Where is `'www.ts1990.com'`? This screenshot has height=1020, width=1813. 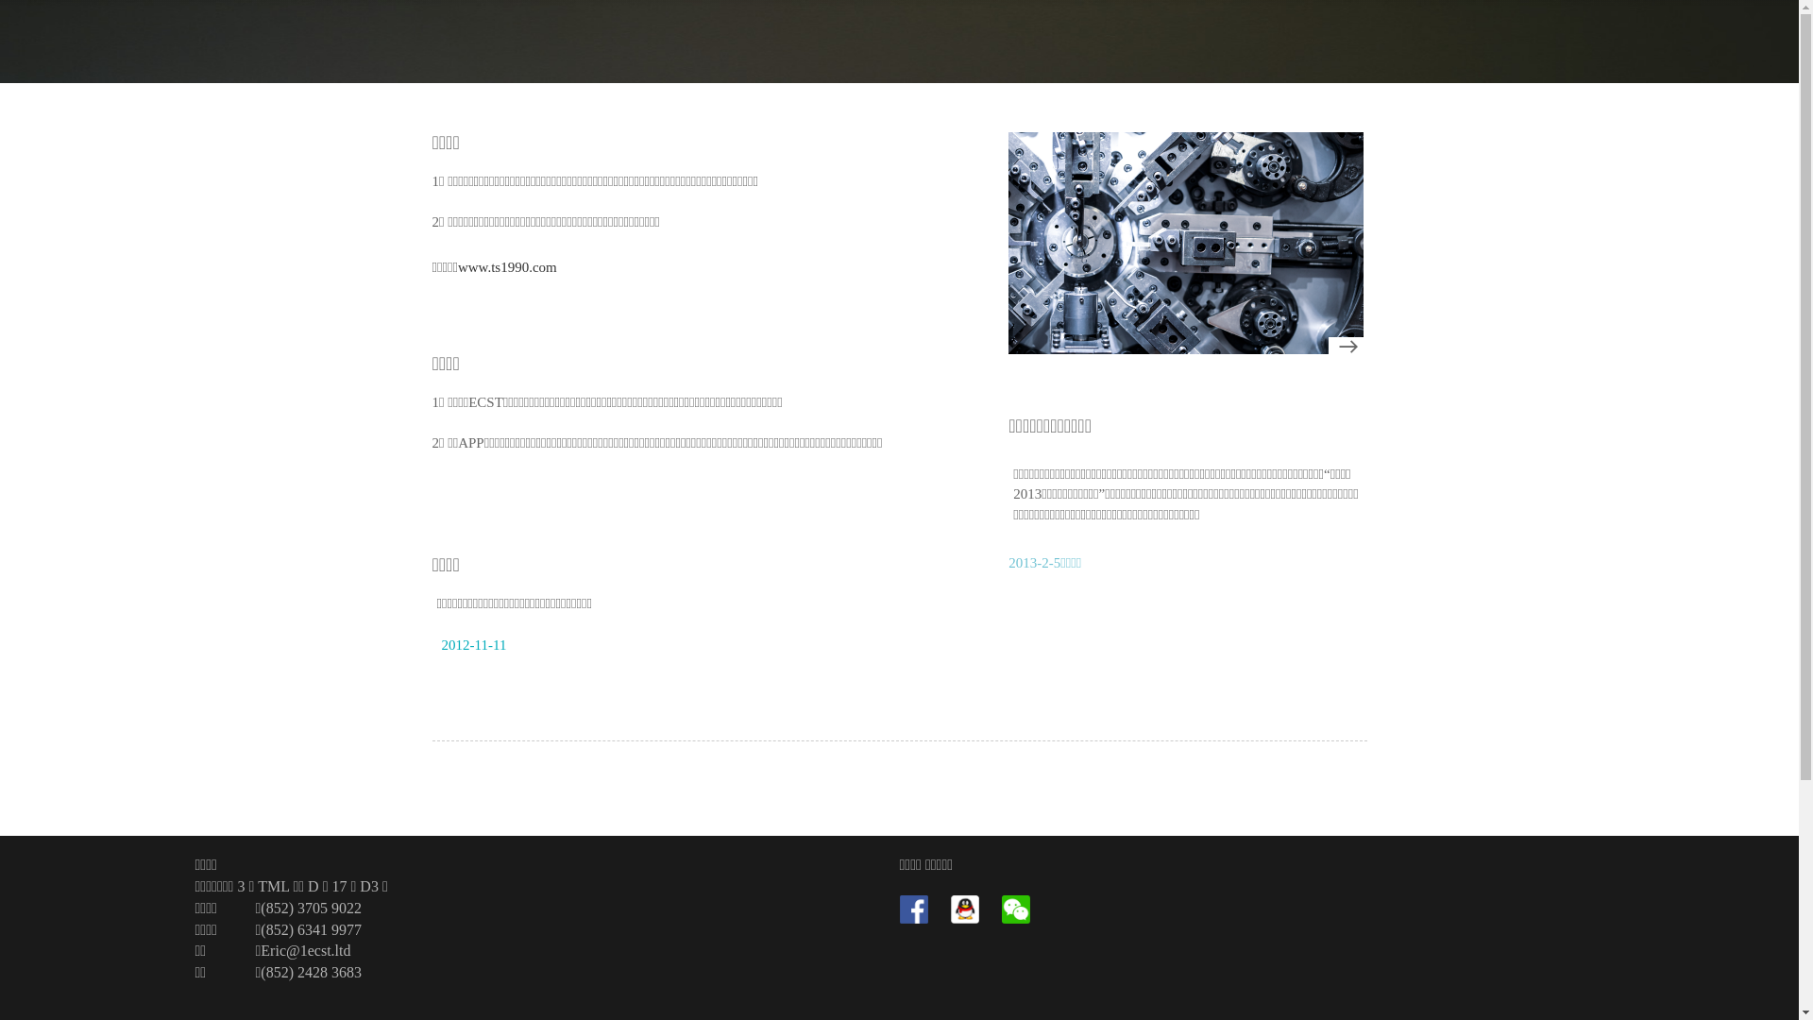
'www.ts1990.com' is located at coordinates (507, 266).